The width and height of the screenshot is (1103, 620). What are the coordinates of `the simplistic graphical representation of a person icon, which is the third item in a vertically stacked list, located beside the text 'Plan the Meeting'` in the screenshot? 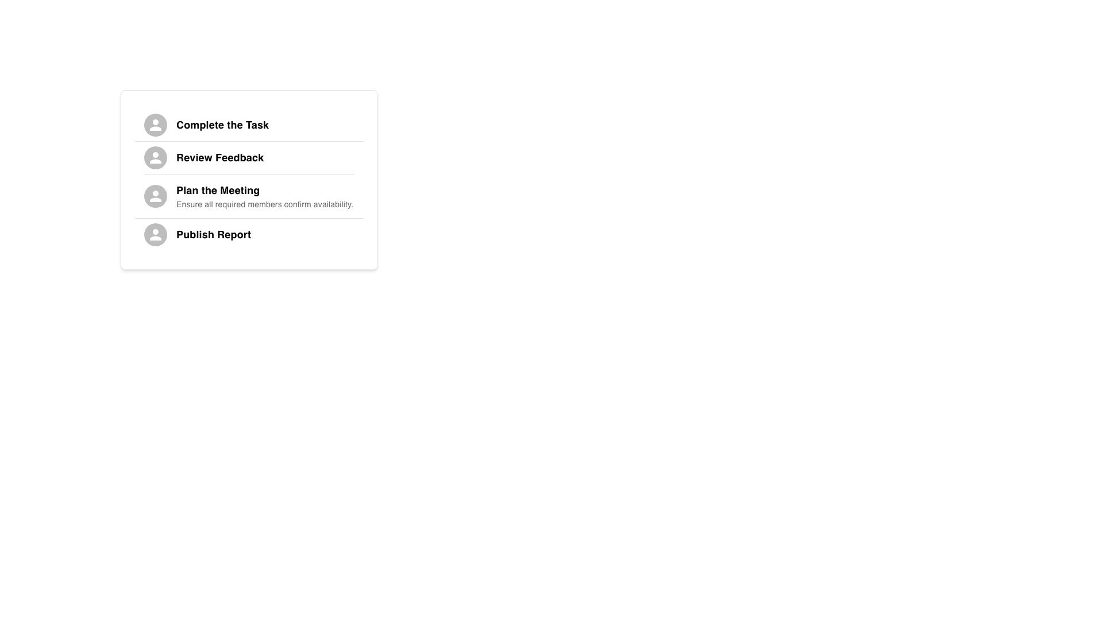 It's located at (155, 234).